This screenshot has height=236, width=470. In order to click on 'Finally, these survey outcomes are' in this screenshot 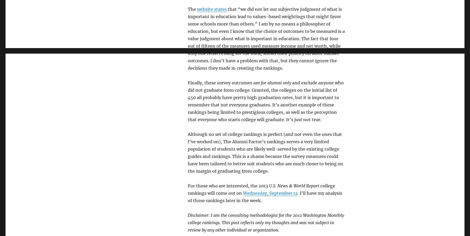, I will do `click(224, 83)`.